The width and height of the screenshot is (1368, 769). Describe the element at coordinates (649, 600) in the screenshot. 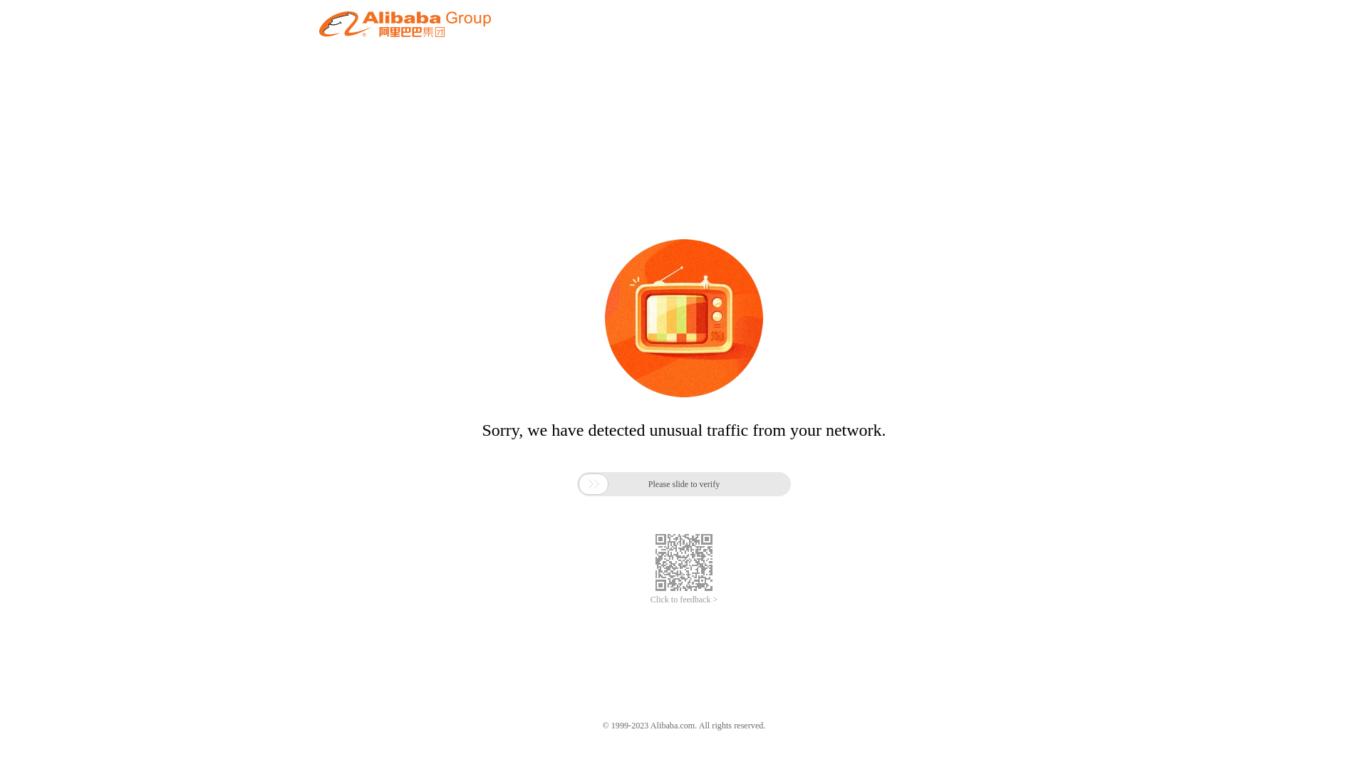

I see `'Click to feedback >'` at that location.